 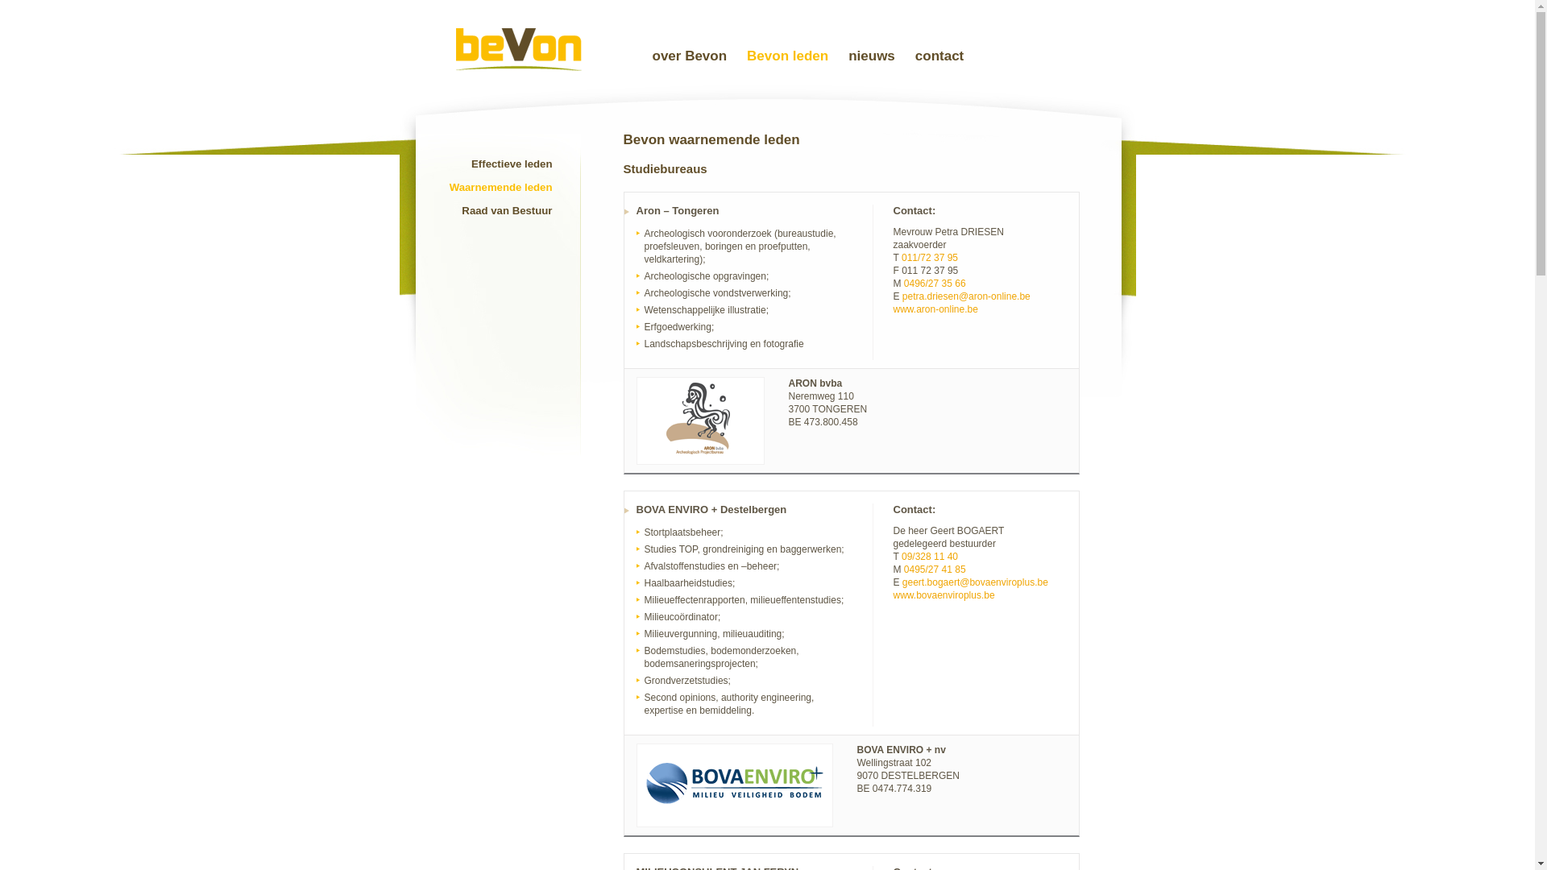 What do you see at coordinates (870, 55) in the screenshot?
I see `'nieuws'` at bounding box center [870, 55].